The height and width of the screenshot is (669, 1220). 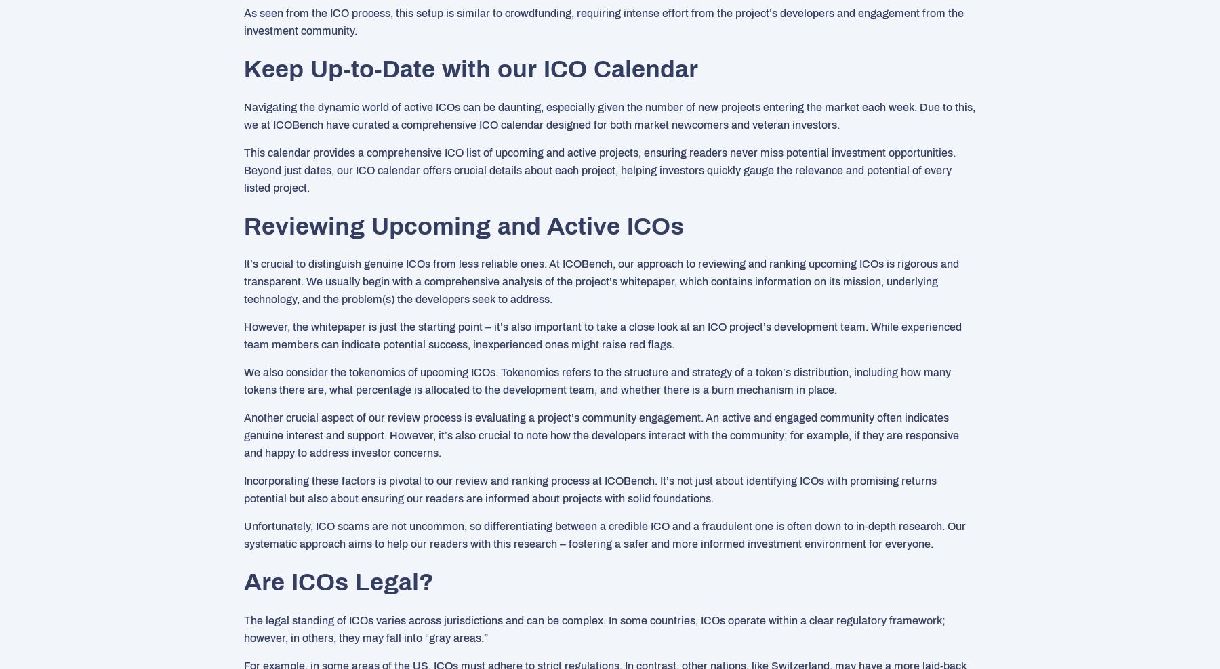 What do you see at coordinates (463, 225) in the screenshot?
I see `'Reviewing Upcoming and Active ICOs'` at bounding box center [463, 225].